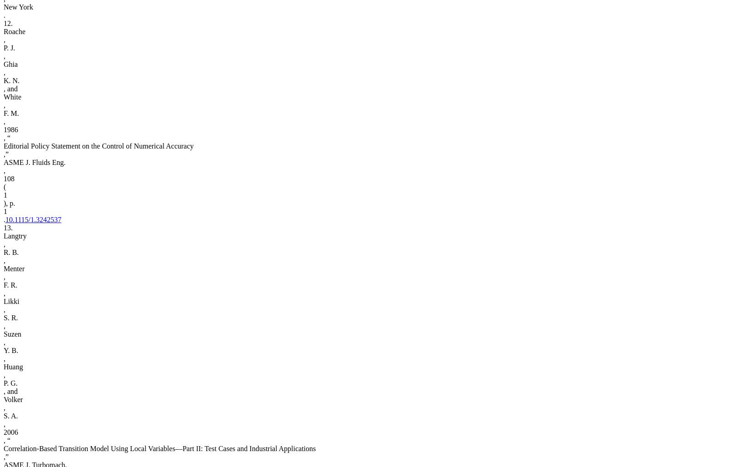 The height and width of the screenshot is (467, 752). Describe the element at coordinates (10, 129) in the screenshot. I see `'1986'` at that location.